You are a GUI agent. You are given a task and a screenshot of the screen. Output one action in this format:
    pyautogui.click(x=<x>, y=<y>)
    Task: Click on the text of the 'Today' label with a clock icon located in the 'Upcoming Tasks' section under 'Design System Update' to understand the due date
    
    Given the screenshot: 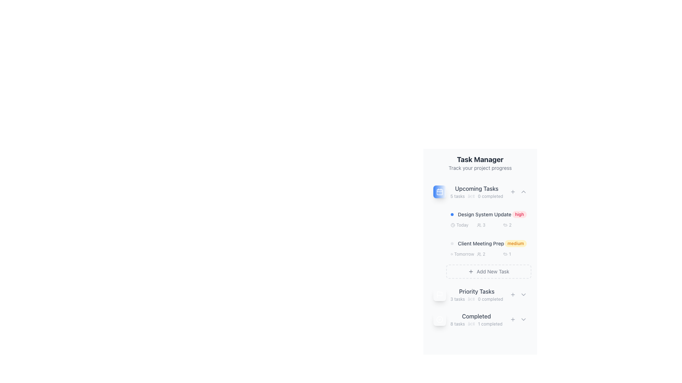 What is the action you would take?
    pyautogui.click(x=462, y=225)
    